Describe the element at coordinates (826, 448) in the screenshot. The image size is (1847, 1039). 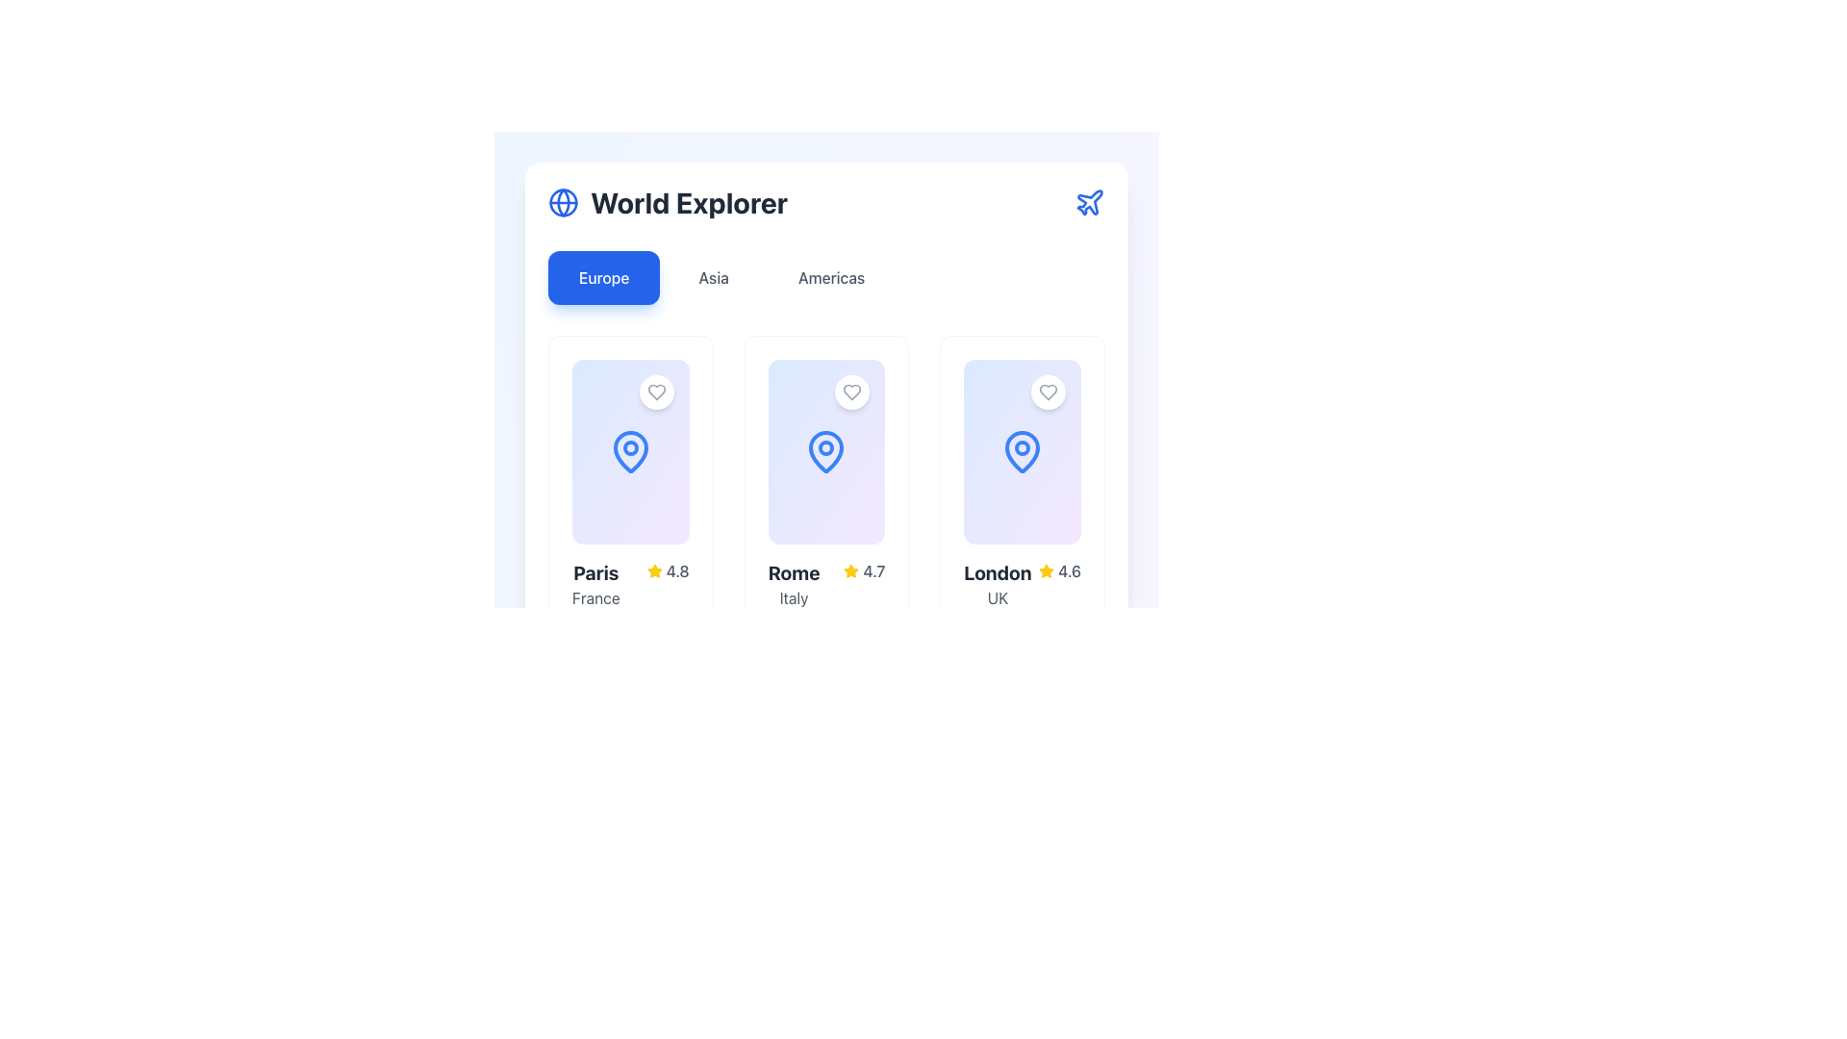
I see `the SVG Circle Element located centrally within the map pin icon for the city 'Rome'` at that location.